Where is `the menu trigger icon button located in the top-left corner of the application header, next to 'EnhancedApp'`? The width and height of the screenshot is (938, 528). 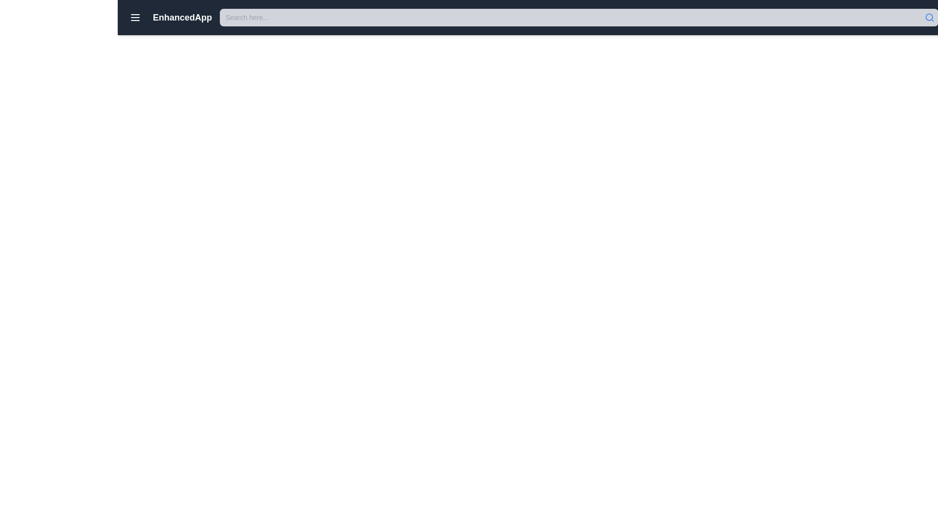 the menu trigger icon button located in the top-left corner of the application header, next to 'EnhancedApp' is located at coordinates (135, 17).